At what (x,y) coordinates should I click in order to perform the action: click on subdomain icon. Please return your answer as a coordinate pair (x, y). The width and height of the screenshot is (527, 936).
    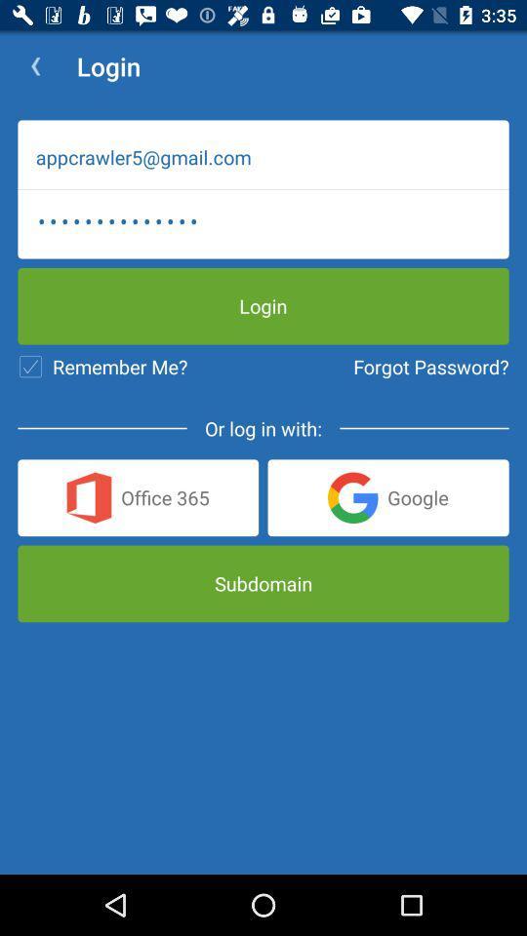
    Looking at the image, I should click on (263, 583).